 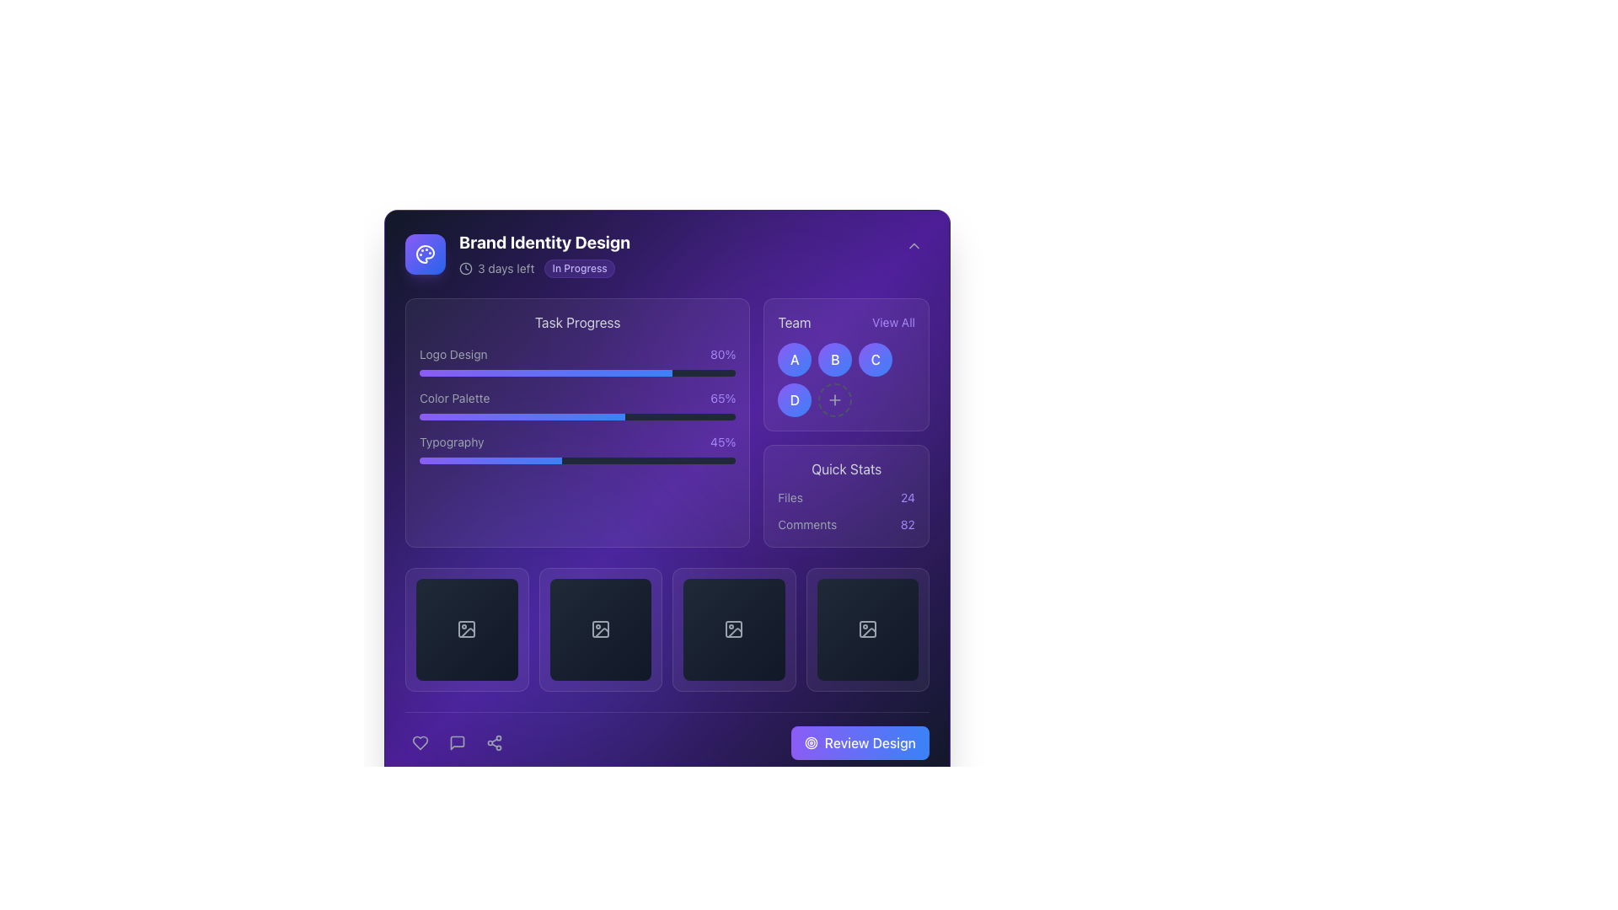 I want to click on the button next to the 'Team' title to trigger visual styling changes, so click(x=892, y=322).